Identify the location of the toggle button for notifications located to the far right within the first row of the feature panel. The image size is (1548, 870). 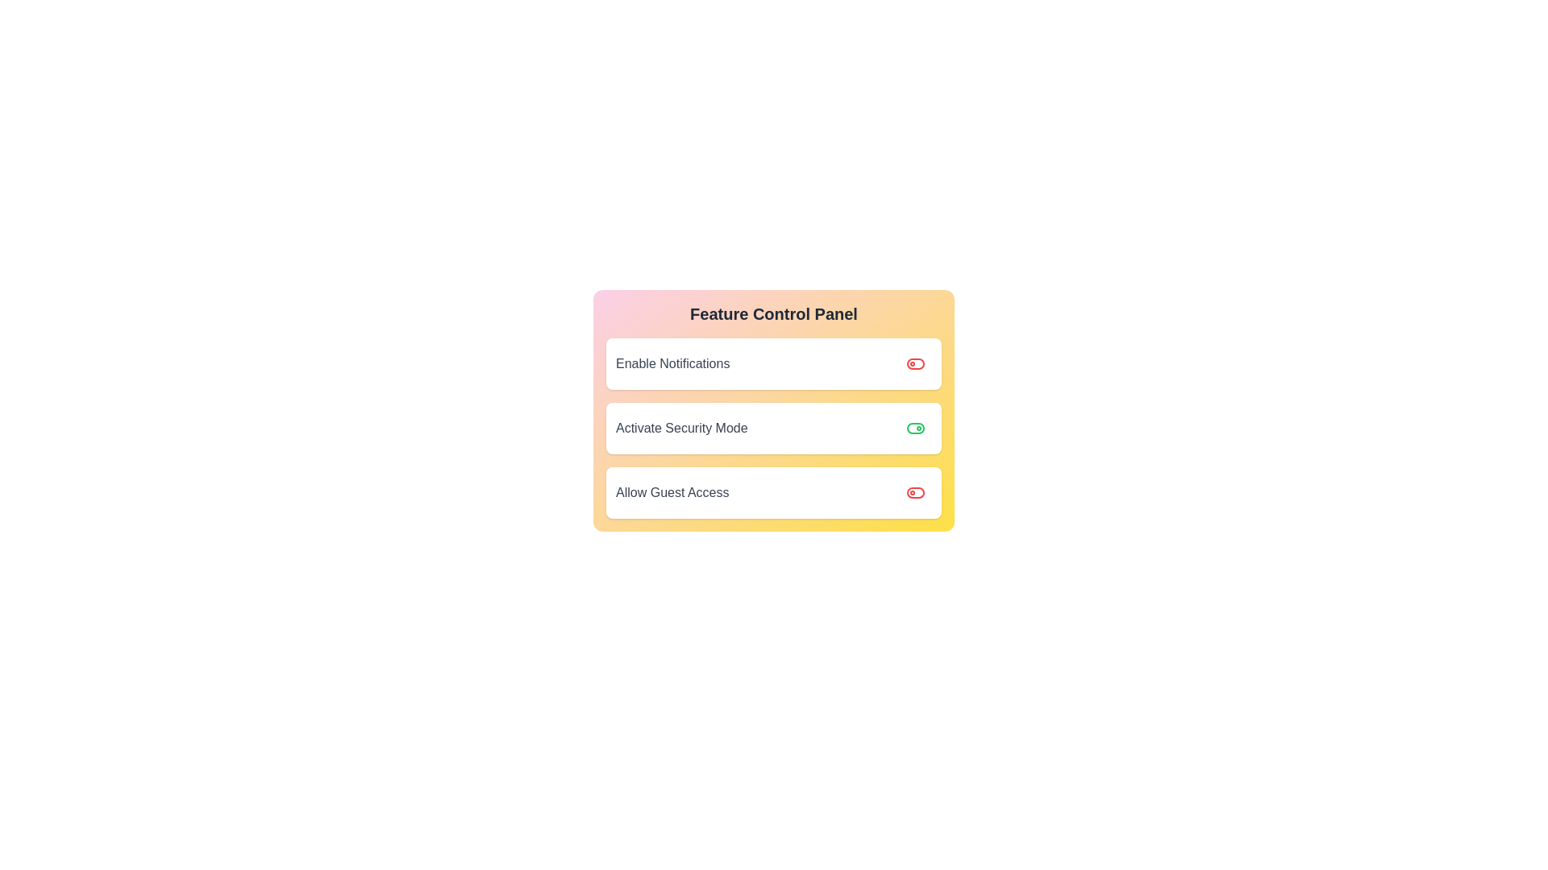
(916, 363).